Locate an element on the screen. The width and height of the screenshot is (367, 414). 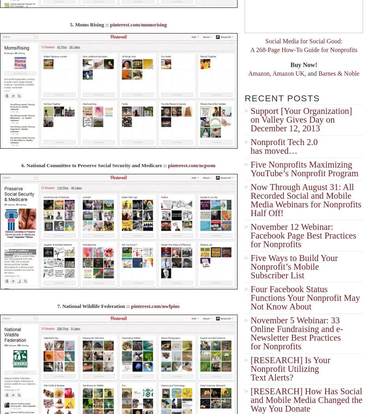
'November 5 Webinar: 33 Online Fundraising and e-Newsletter Best Practices for Nonprofits' is located at coordinates (296, 333).